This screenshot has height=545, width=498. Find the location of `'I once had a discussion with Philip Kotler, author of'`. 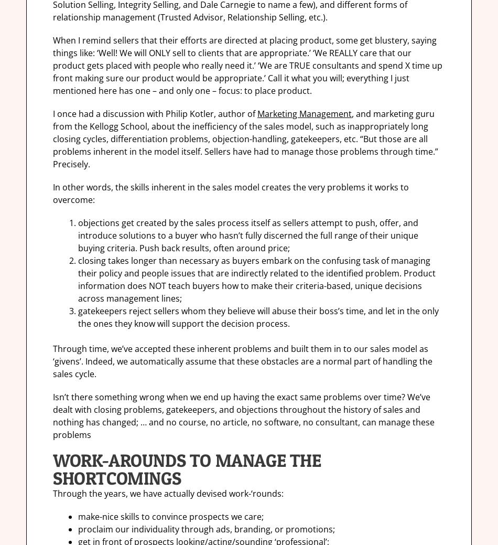

'I once had a discussion with Philip Kotler, author of' is located at coordinates (52, 114).